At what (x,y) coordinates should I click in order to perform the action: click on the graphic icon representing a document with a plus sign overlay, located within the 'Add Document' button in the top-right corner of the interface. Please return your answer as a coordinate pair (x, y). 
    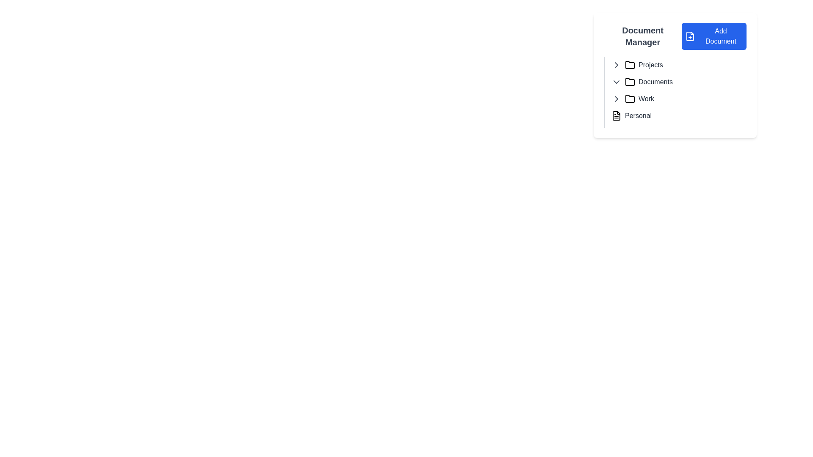
    Looking at the image, I should click on (690, 36).